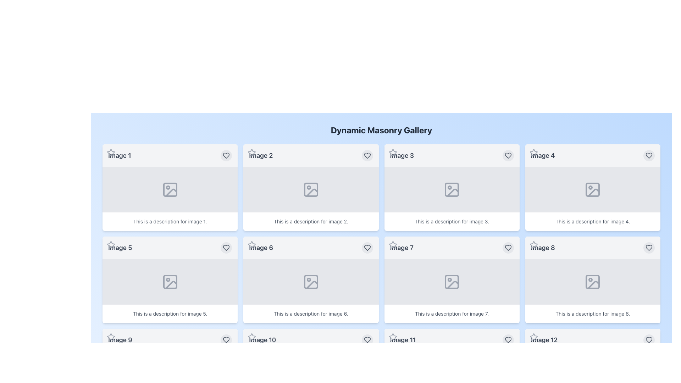  Describe the element at coordinates (508, 247) in the screenshot. I see `the heart-shaped icon located at the top-right corner of the card labeled 'Image 7'` at that location.